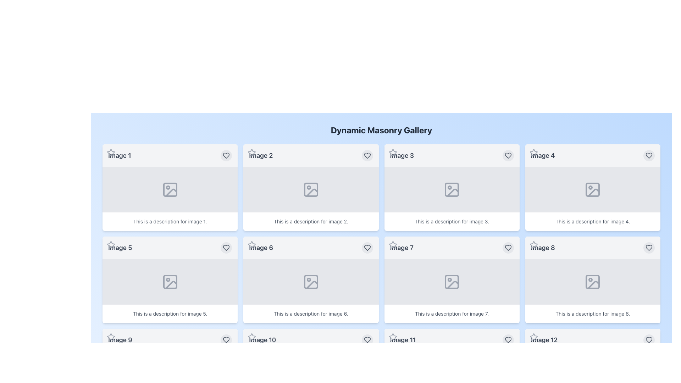  Describe the element at coordinates (508, 247) in the screenshot. I see `the heart-shaped icon located at the top-right corner of the card labeled 'Image 7'` at that location.